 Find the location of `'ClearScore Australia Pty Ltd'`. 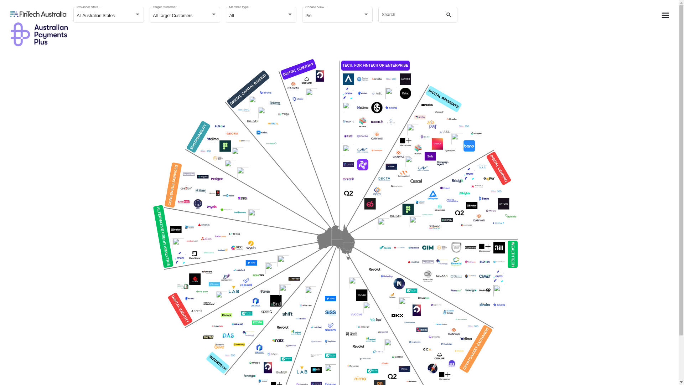

'ClearScore Australia Pty Ltd' is located at coordinates (195, 255).